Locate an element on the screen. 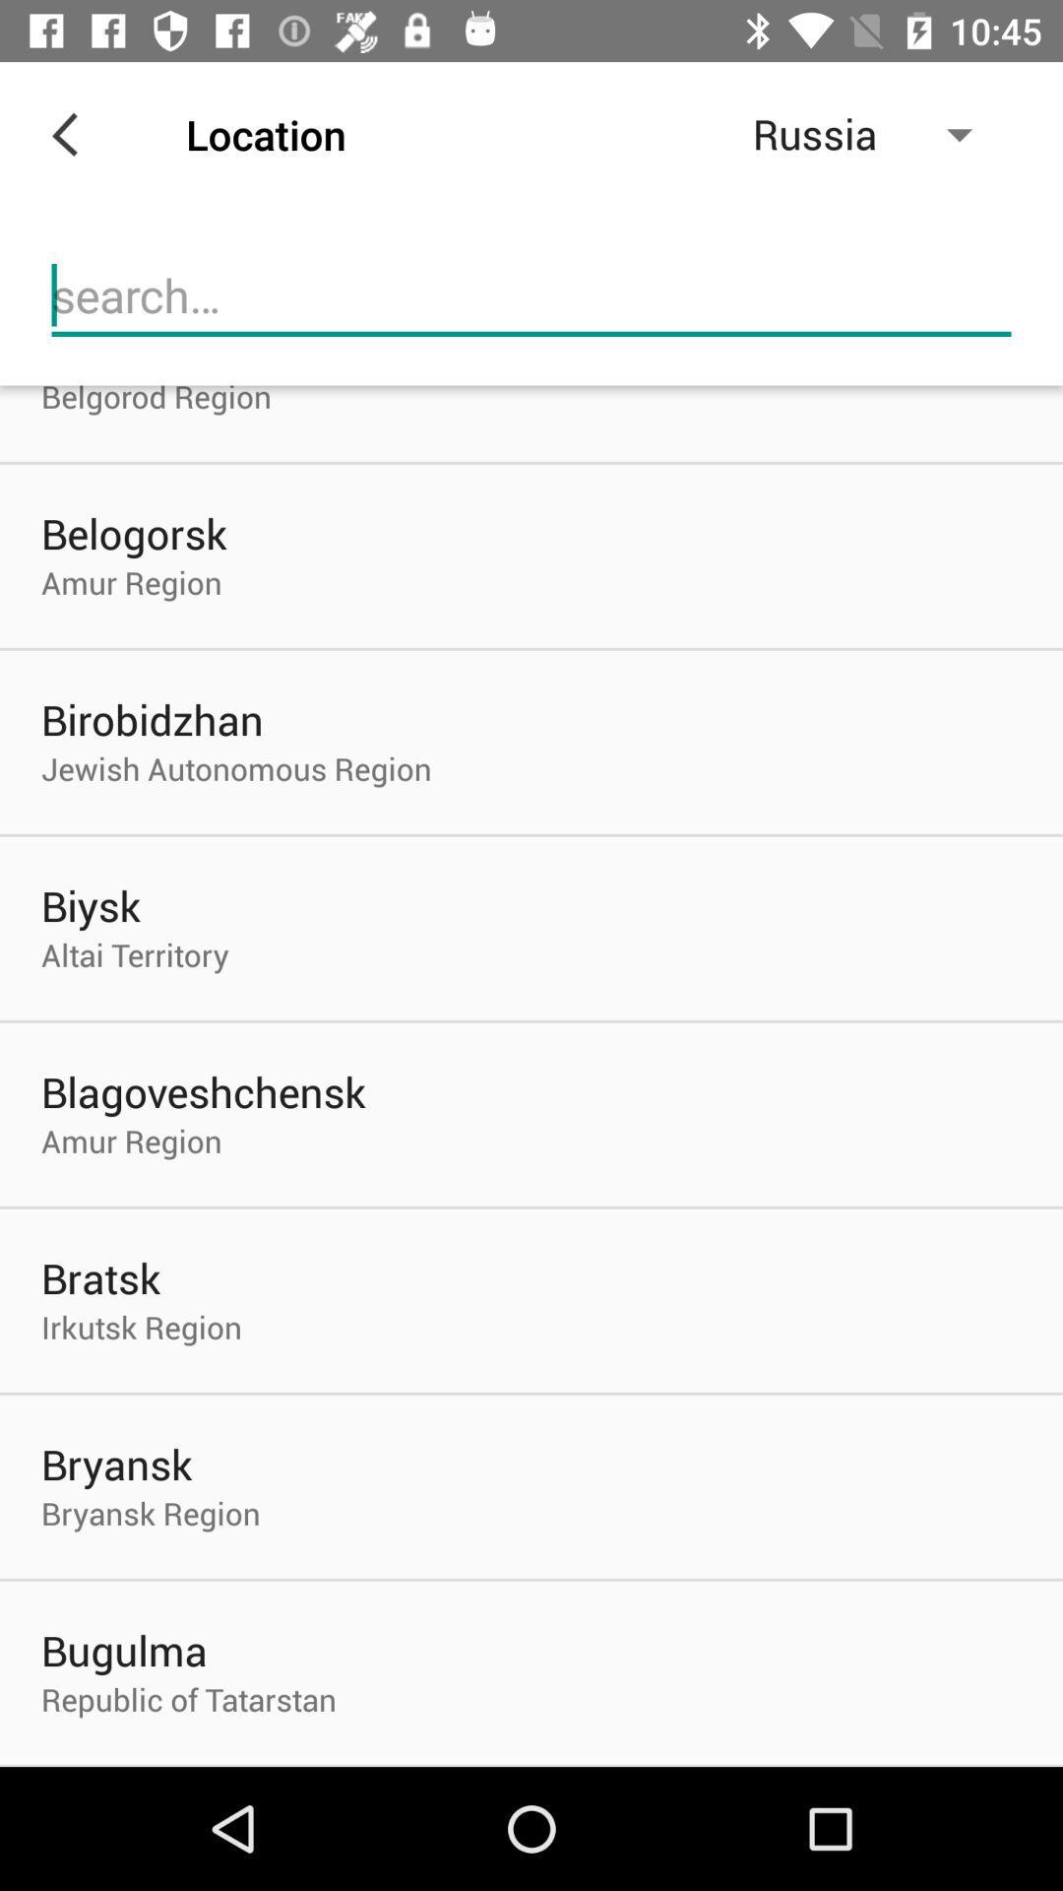 This screenshot has width=1063, height=1891. taxi and other transport.different rates is located at coordinates (531, 294).